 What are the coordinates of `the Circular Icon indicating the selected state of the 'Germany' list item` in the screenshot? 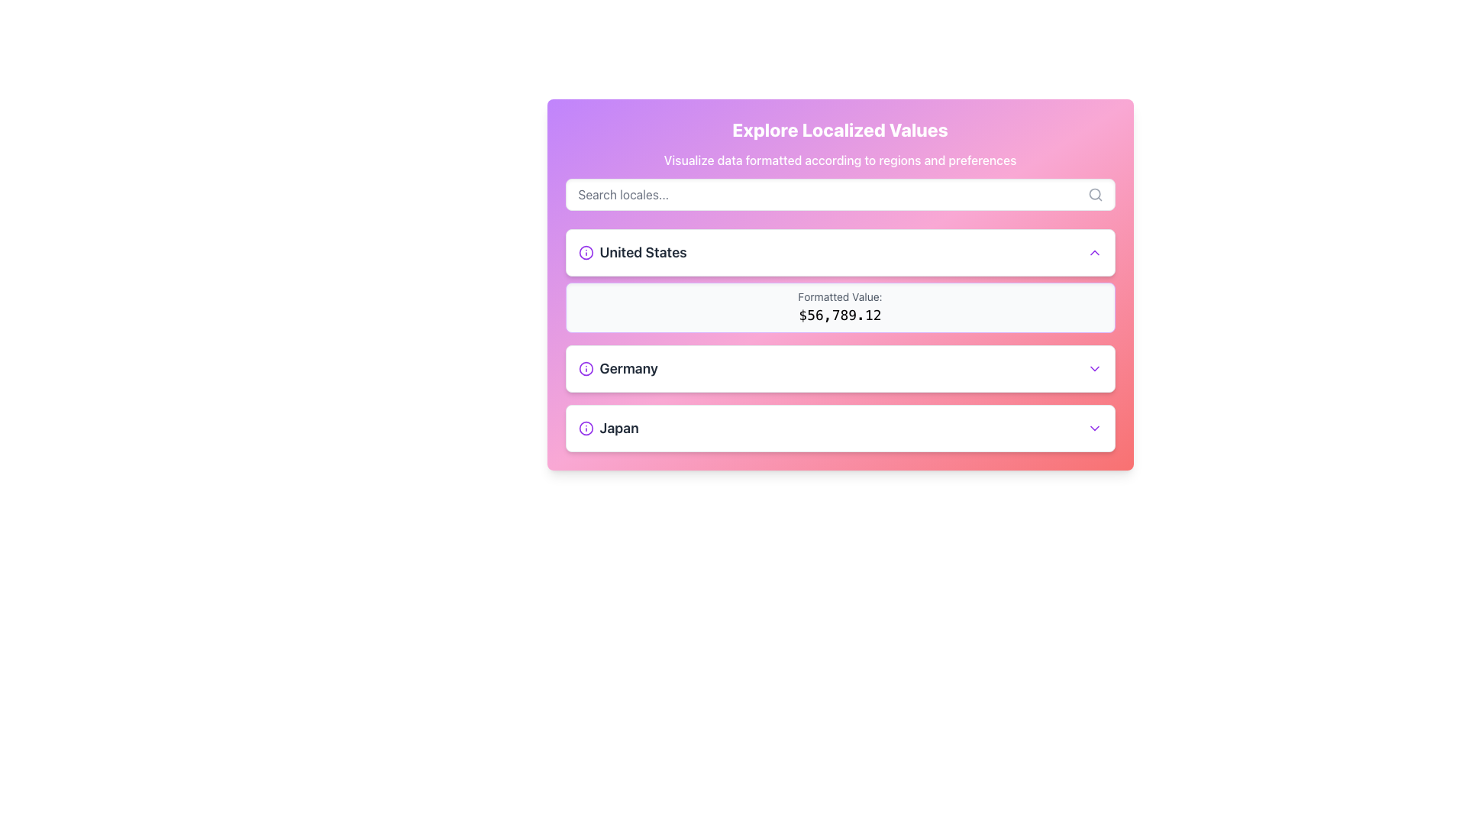 It's located at (585, 368).